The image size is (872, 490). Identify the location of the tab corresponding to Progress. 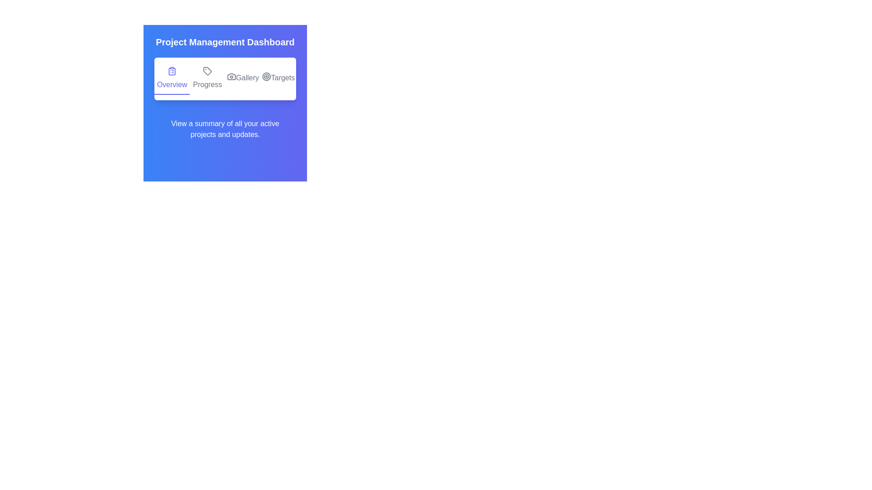
(207, 78).